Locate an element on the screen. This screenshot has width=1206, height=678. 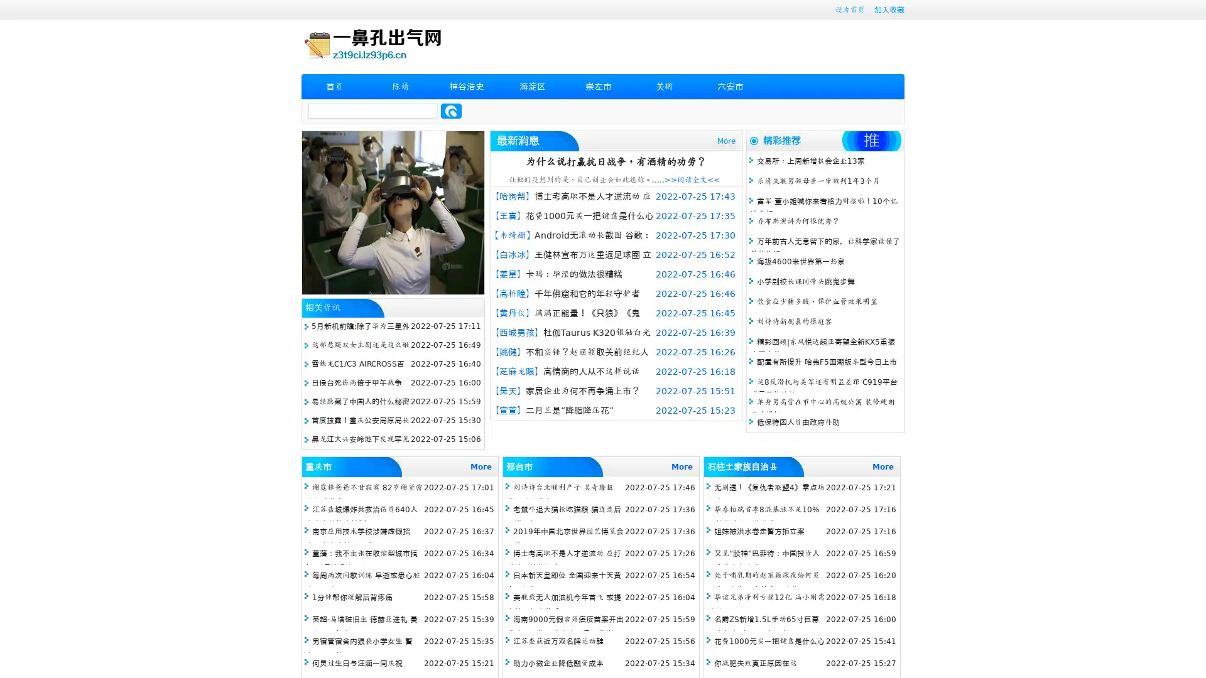
Search is located at coordinates (451, 110).